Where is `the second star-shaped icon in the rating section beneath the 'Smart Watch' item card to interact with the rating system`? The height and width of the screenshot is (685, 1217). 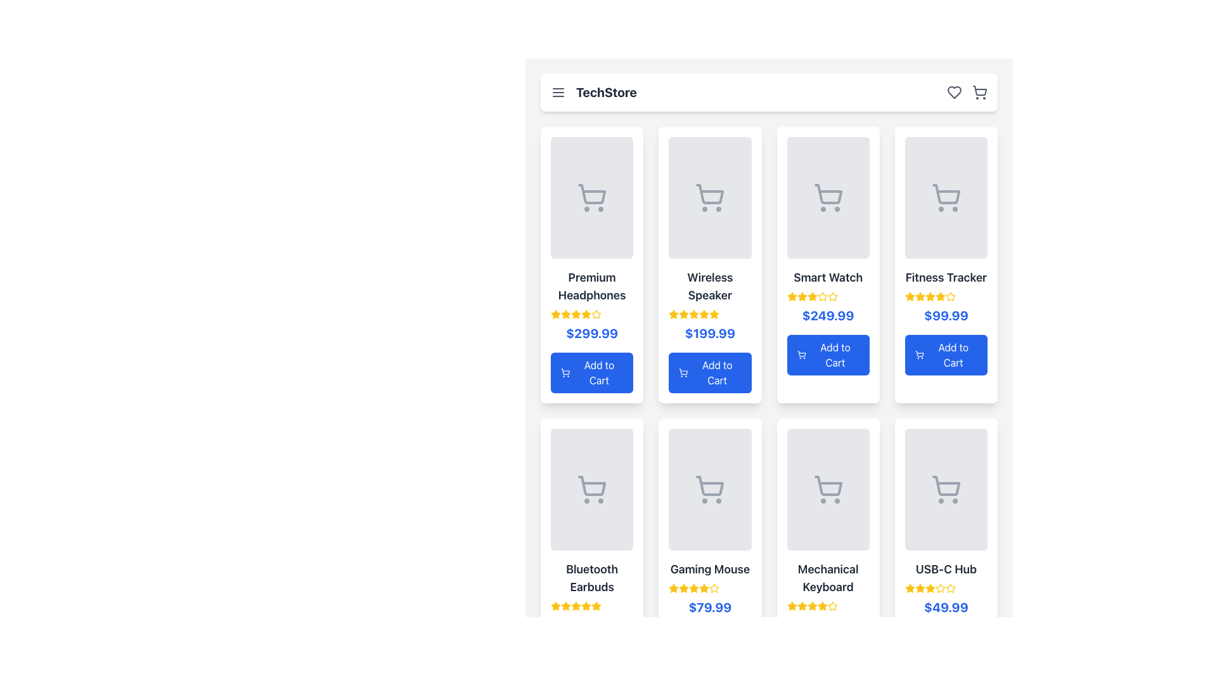
the second star-shaped icon in the rating section beneath the 'Smart Watch' item card to interact with the rating system is located at coordinates (801, 296).